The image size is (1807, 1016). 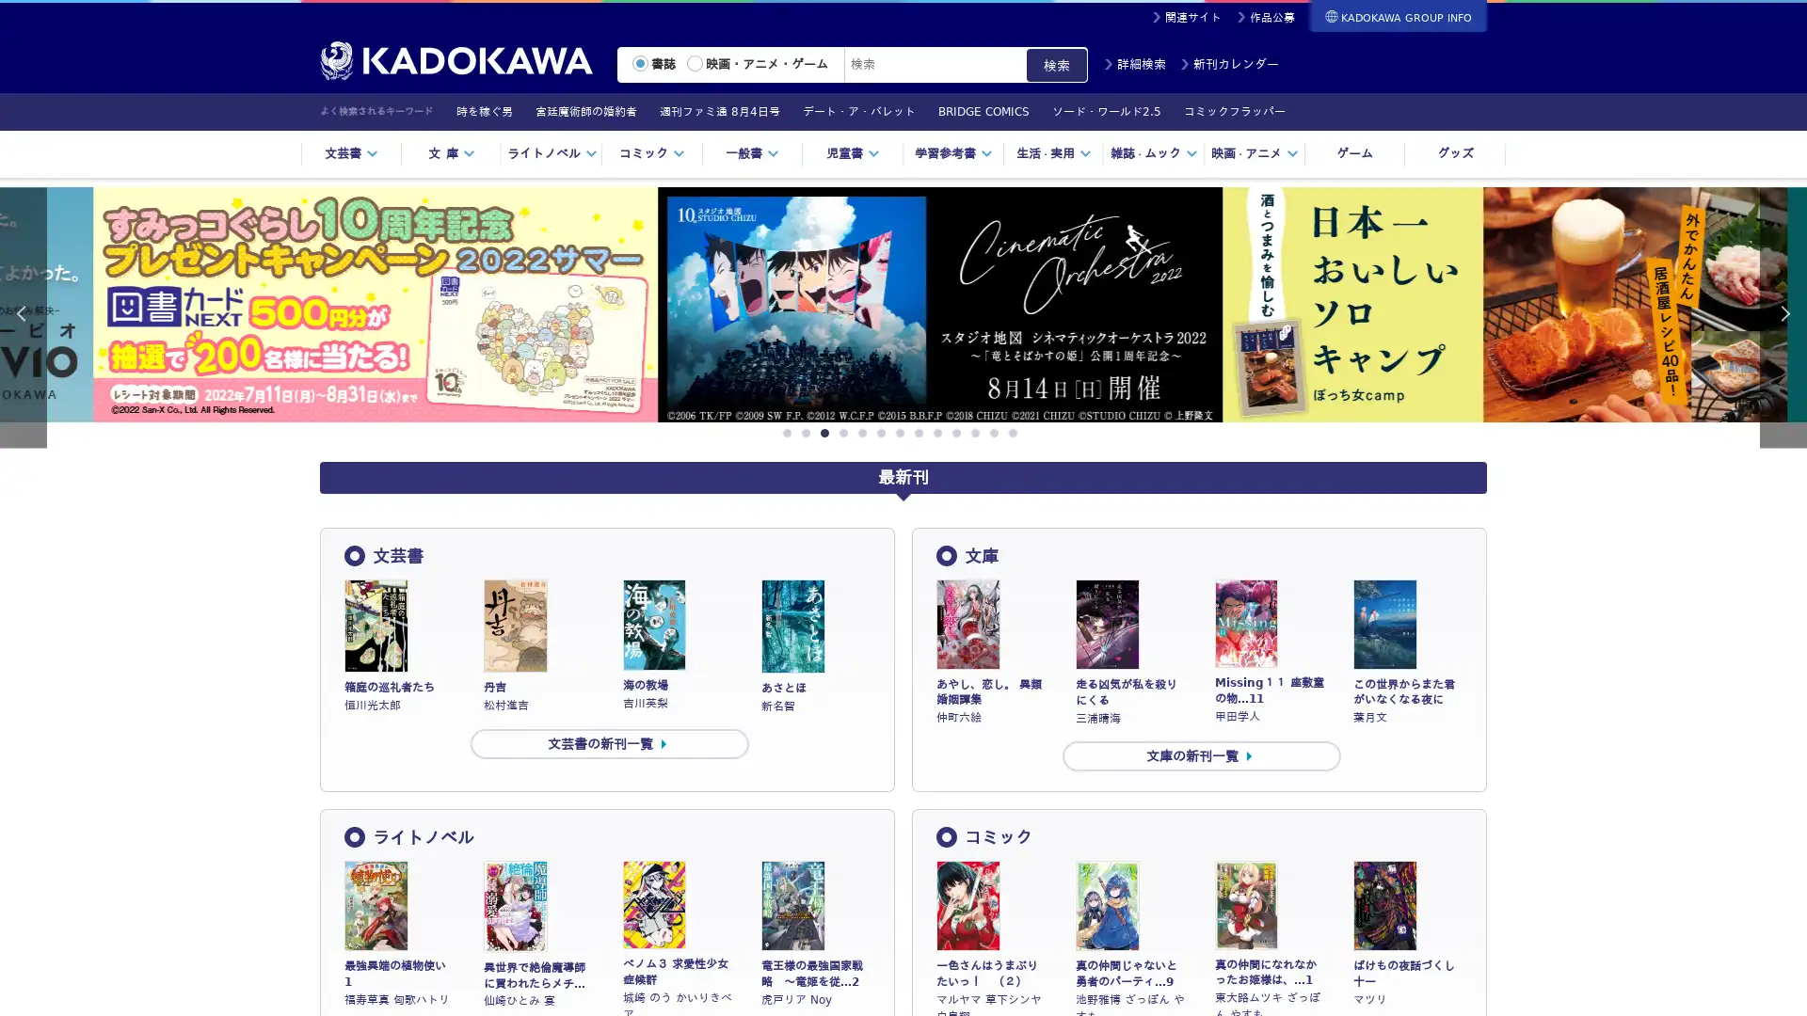 I want to click on 13, so click(x=1015, y=434).